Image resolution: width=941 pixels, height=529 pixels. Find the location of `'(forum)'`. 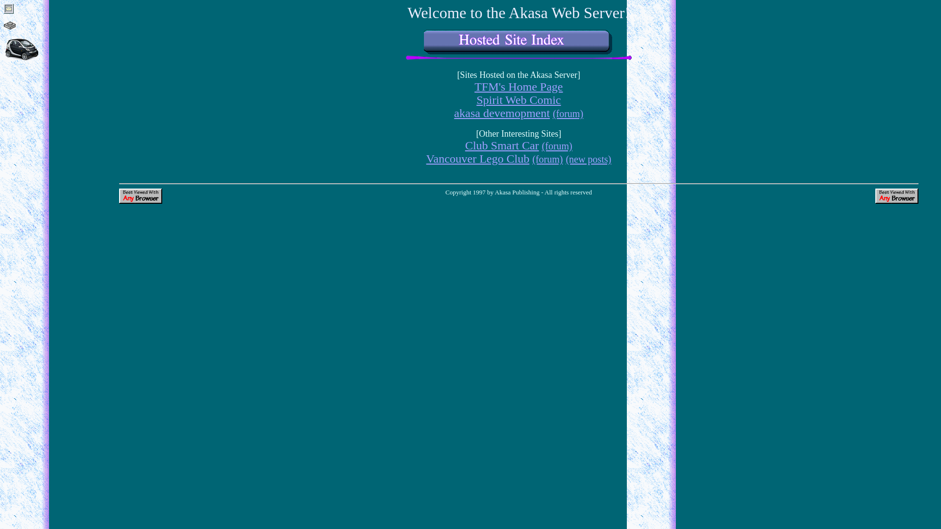

'(forum)' is located at coordinates (557, 145).